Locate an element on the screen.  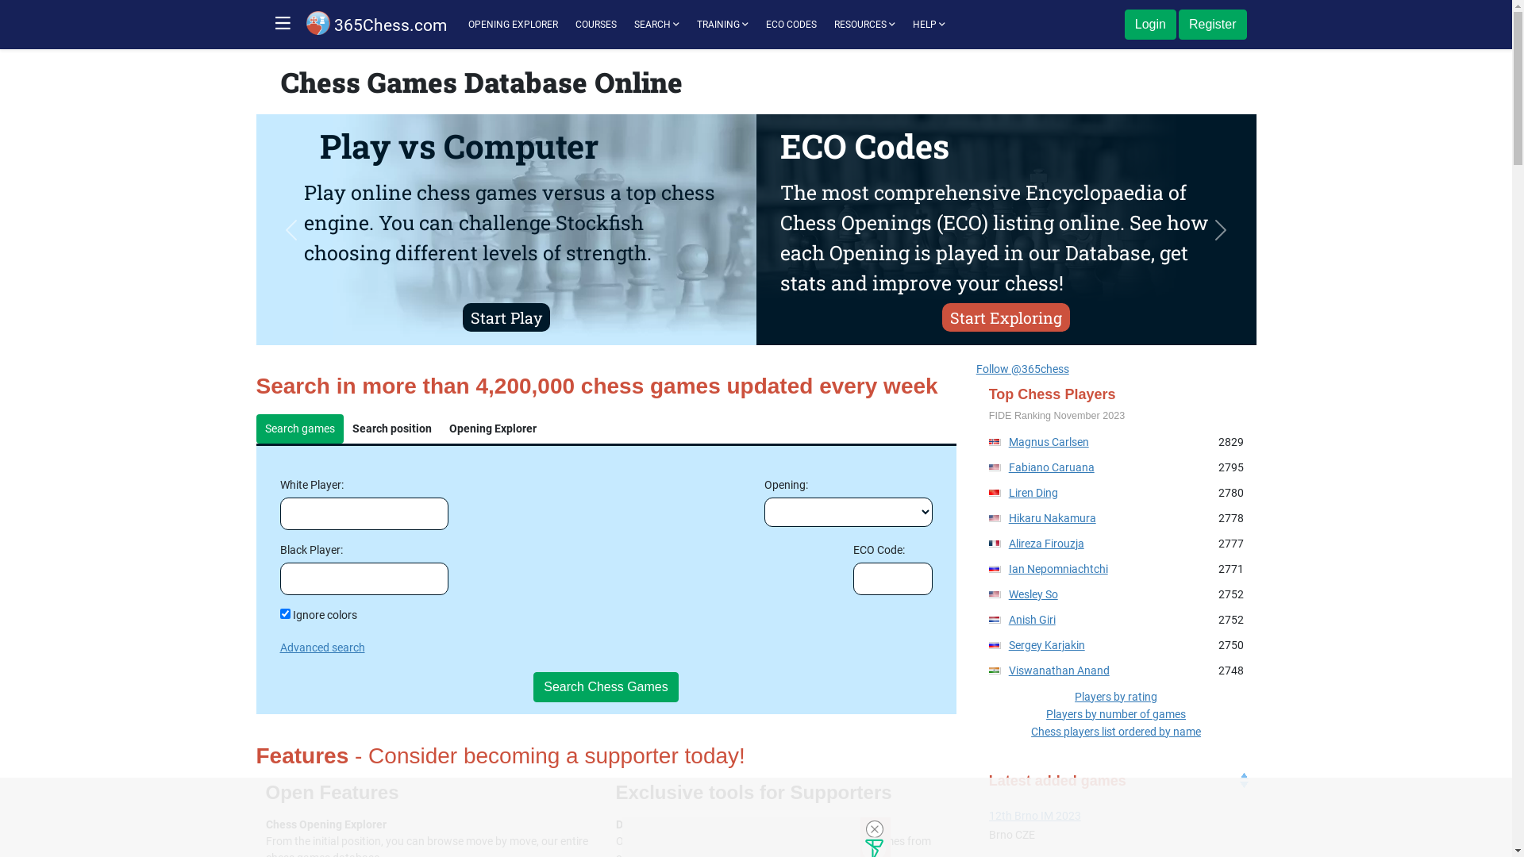
'SEARCH' is located at coordinates (626, 24).